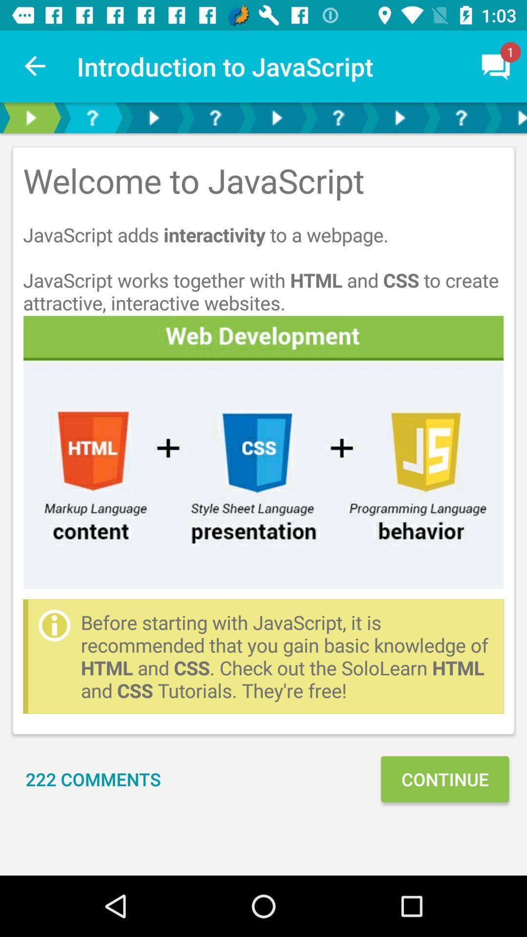  What do you see at coordinates (92, 117) in the screenshot?
I see `see question/answer` at bounding box center [92, 117].